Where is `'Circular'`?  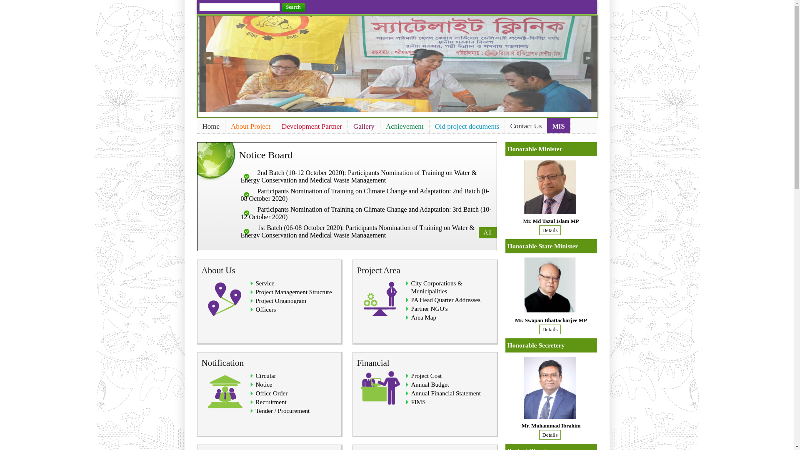 'Circular' is located at coordinates (265, 376).